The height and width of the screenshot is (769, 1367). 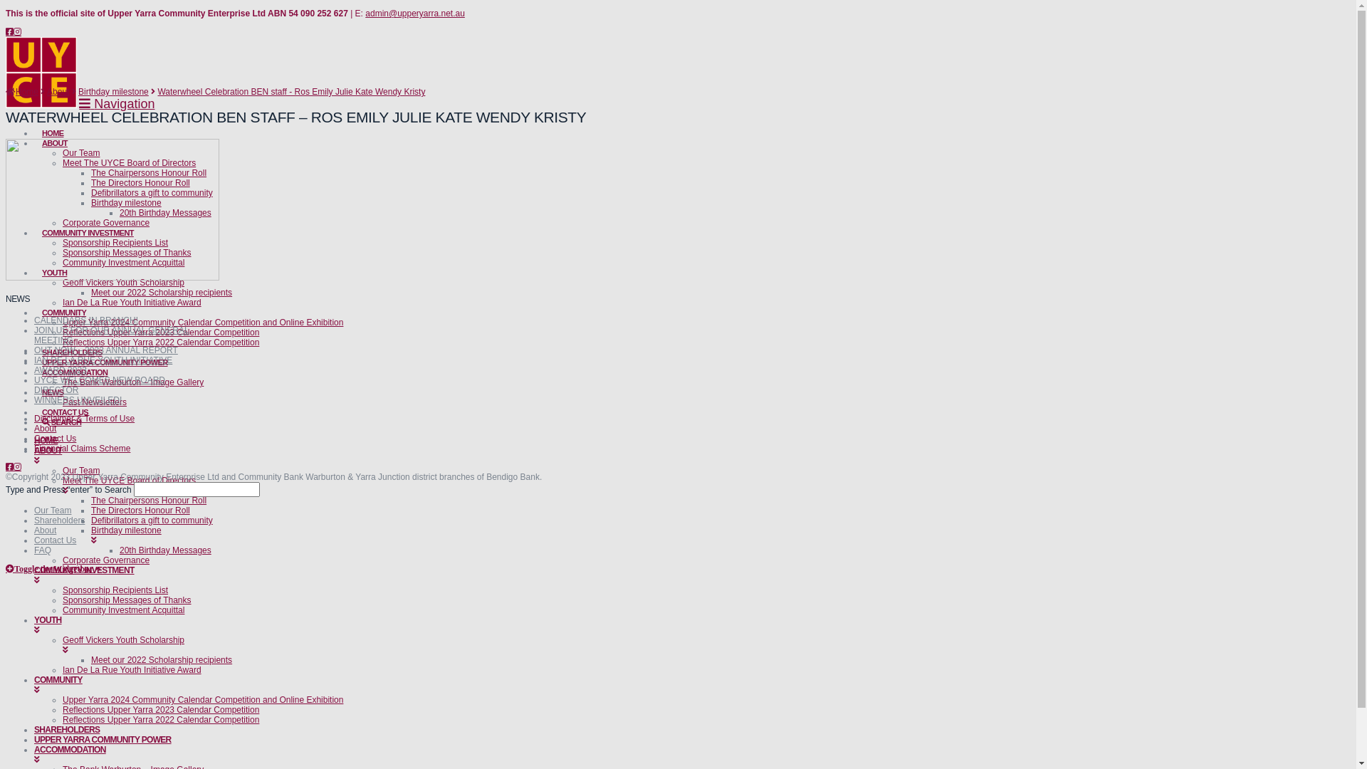 What do you see at coordinates (116, 103) in the screenshot?
I see `'Navigation'` at bounding box center [116, 103].